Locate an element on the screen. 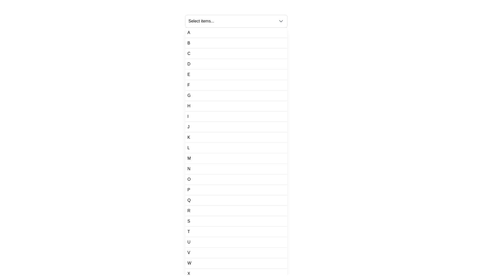 Image resolution: width=491 pixels, height=276 pixels. the selectable list item labeled 'R' is located at coordinates (236, 211).